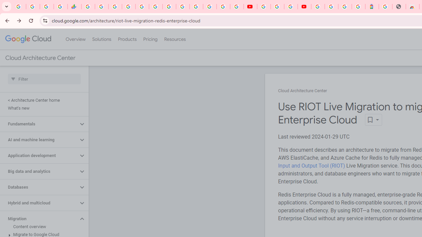 The width and height of the screenshot is (422, 237). Describe the element at coordinates (331, 7) in the screenshot. I see `'Sign in - Google Accounts'` at that location.